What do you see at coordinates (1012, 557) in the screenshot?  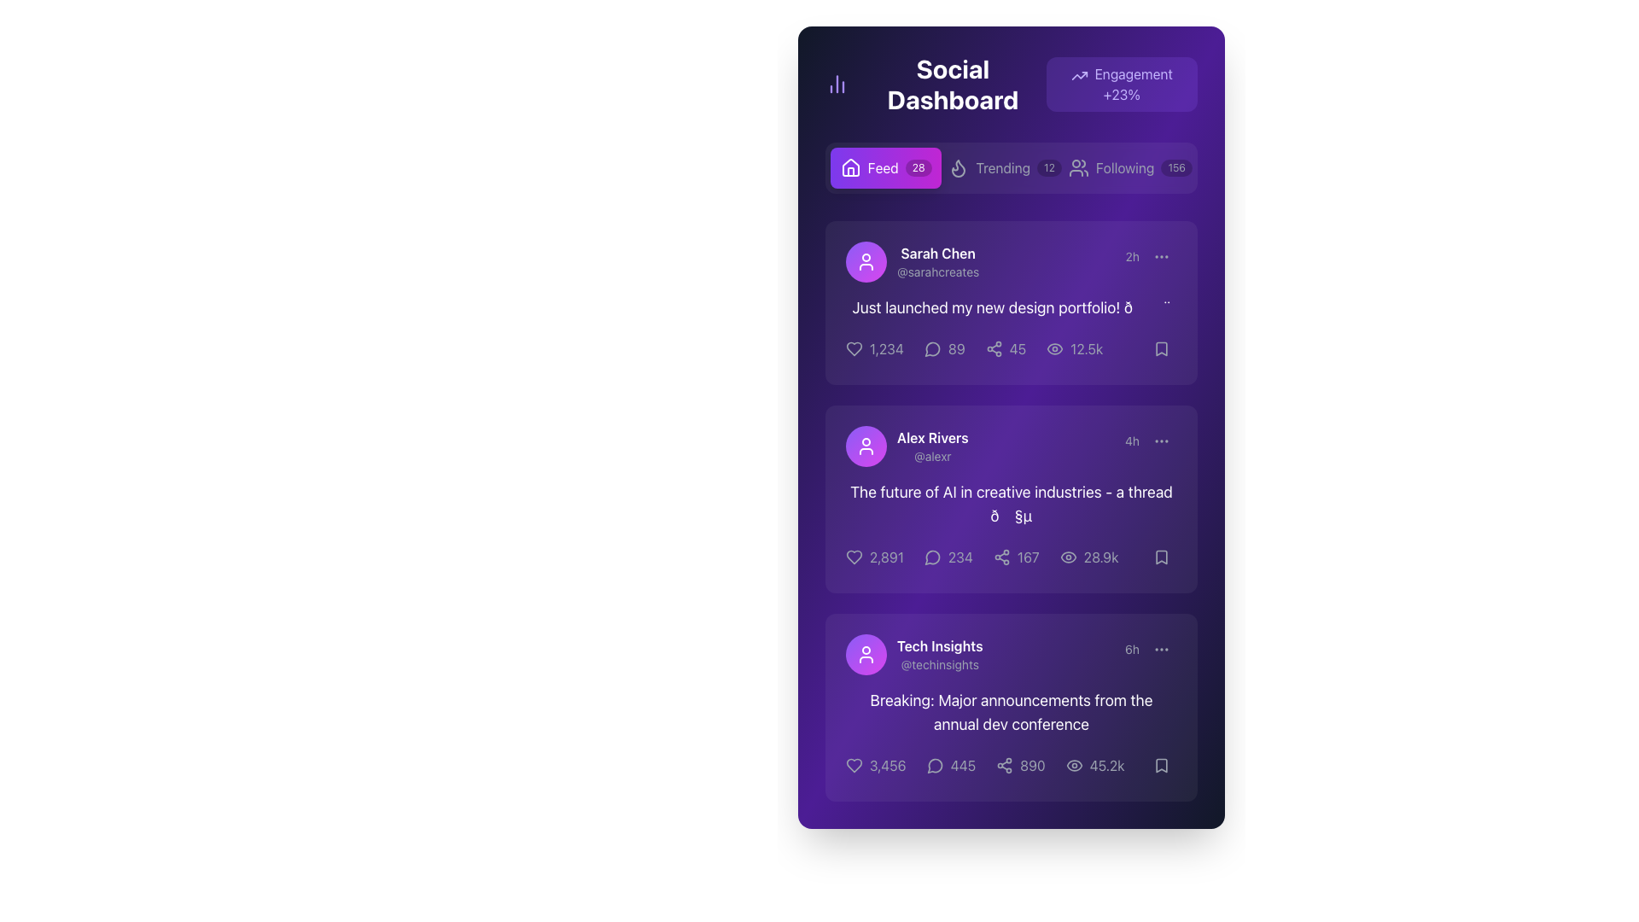 I see `the share button, which displays the count of shares for the post by 'Alex Rivers' in the central feed` at bounding box center [1012, 557].